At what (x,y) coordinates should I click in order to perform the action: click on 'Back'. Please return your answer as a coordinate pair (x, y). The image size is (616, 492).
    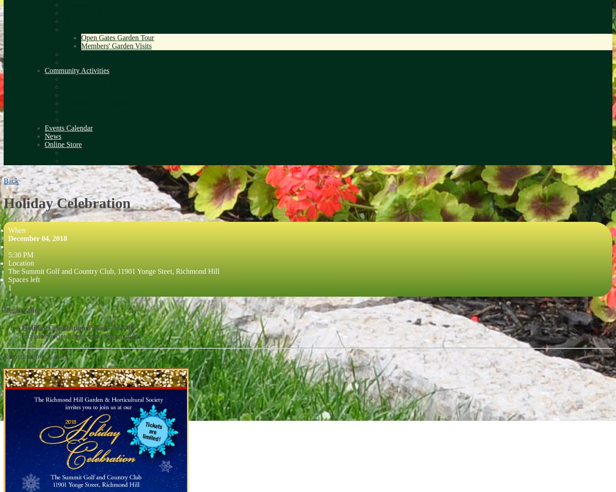
    Looking at the image, I should click on (10, 180).